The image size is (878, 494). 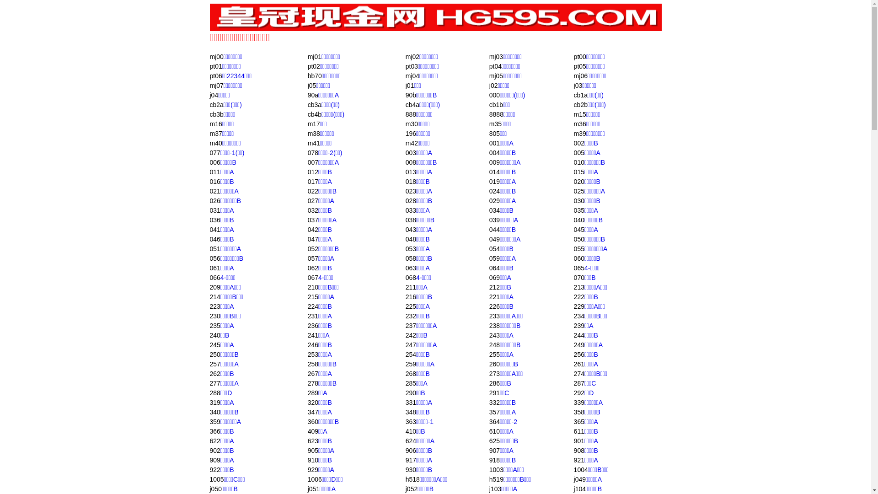 I want to click on '611', so click(x=578, y=431).